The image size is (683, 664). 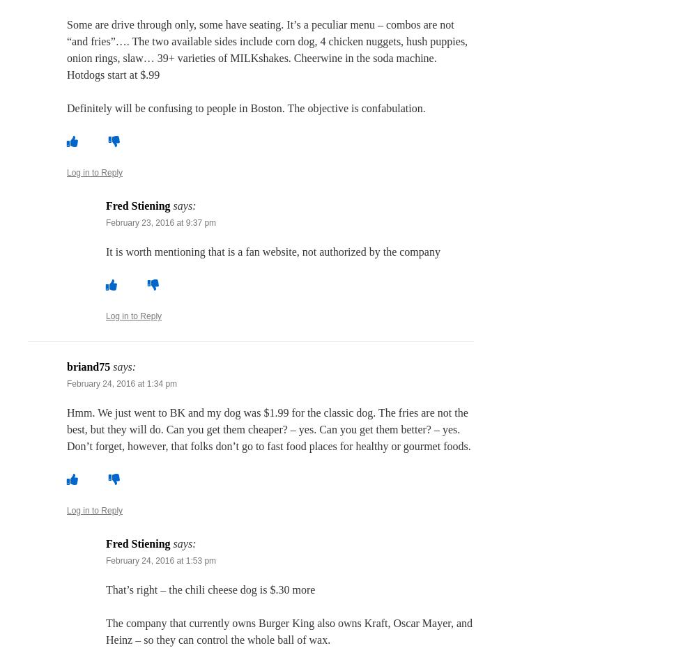 I want to click on 'February 23, 2016 at 9:37 pm', so click(x=105, y=222).